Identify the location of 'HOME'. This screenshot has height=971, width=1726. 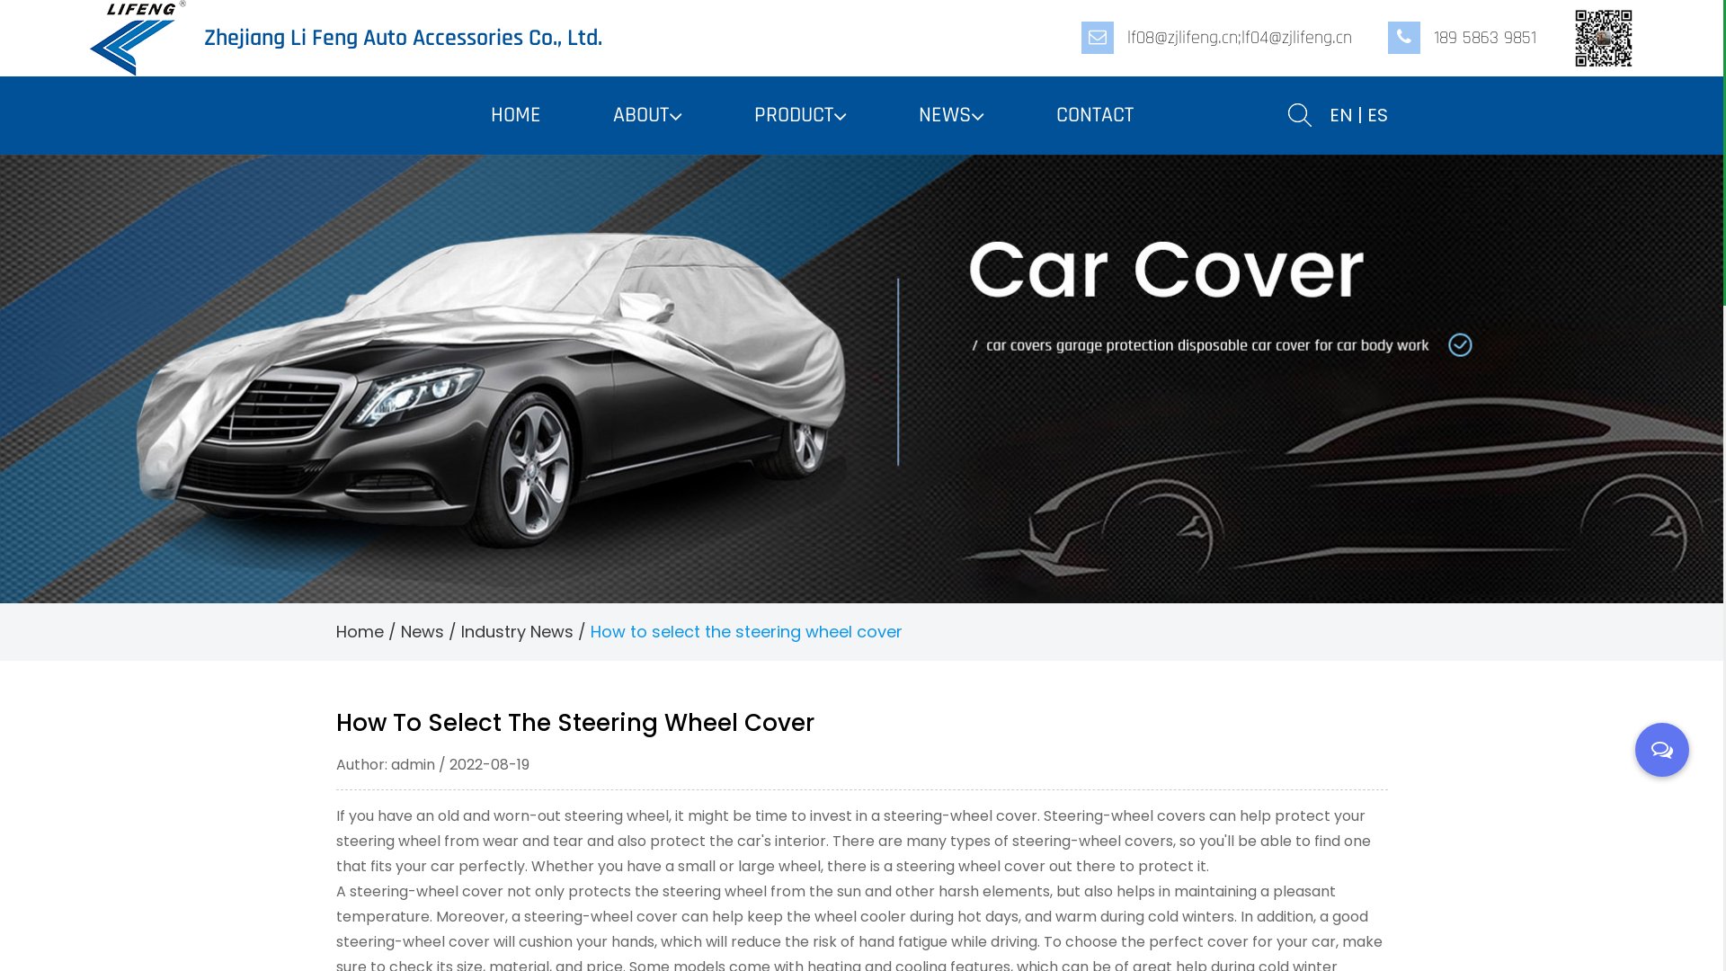
(515, 114).